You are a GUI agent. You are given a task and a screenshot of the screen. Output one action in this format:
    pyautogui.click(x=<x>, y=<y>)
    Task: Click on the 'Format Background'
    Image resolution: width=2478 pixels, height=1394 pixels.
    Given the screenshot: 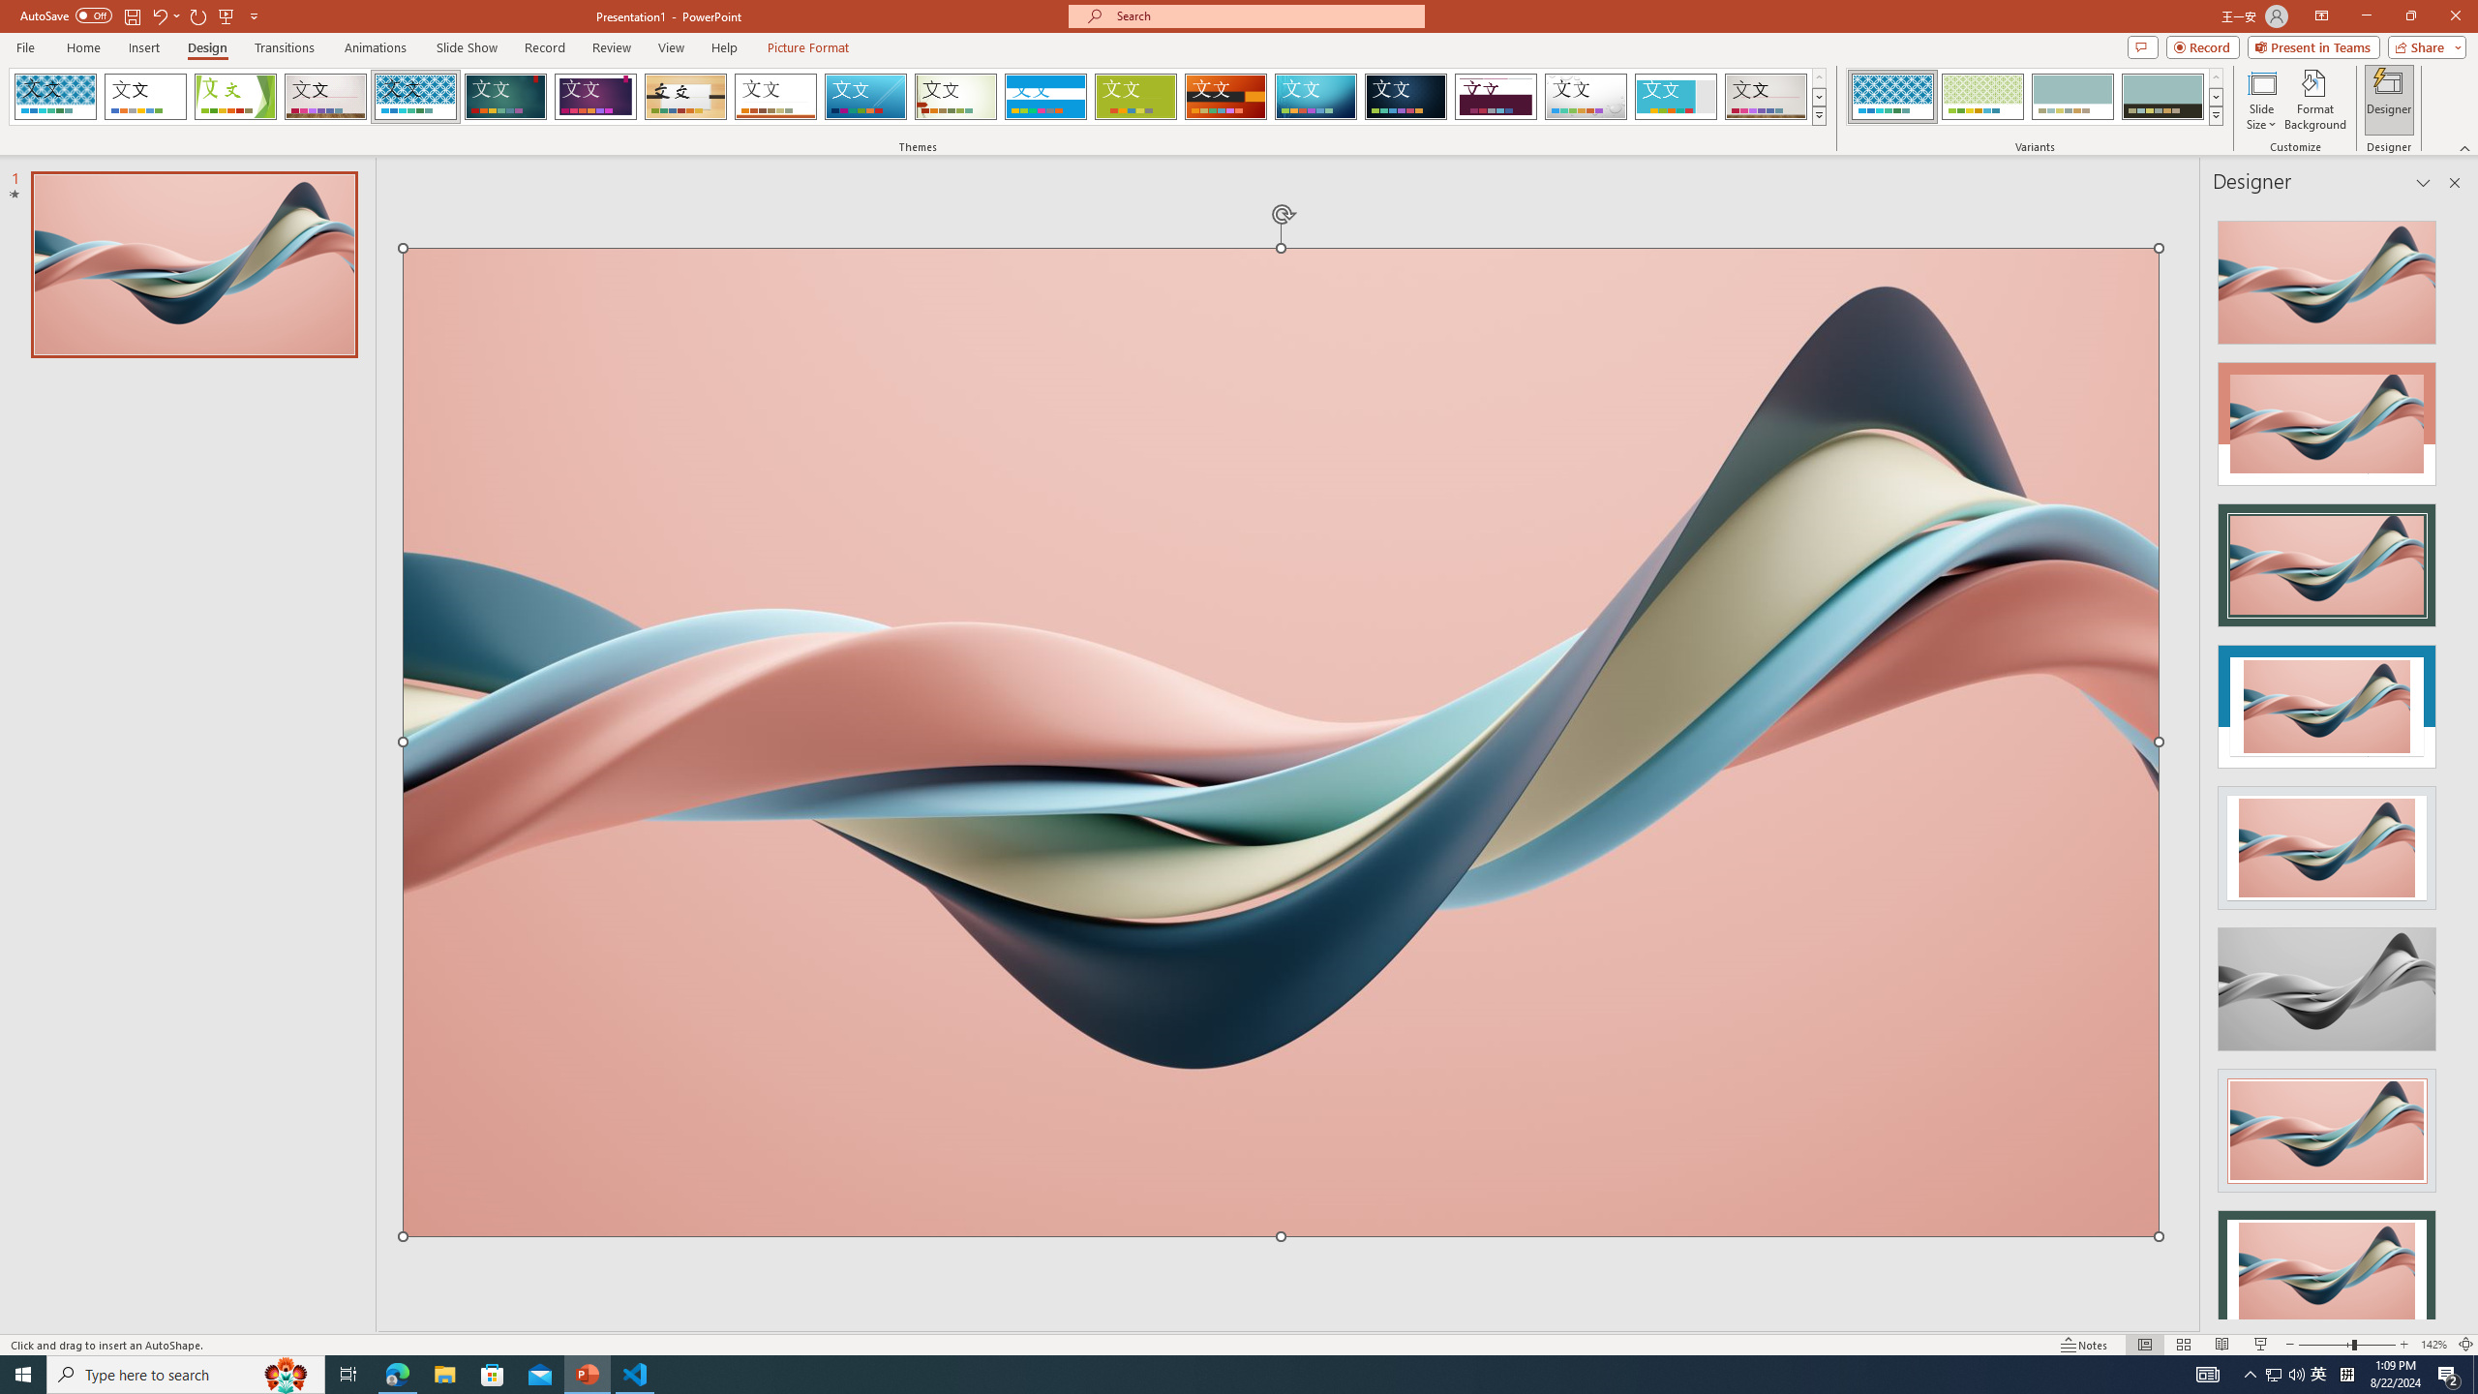 What is the action you would take?
    pyautogui.click(x=2315, y=100)
    